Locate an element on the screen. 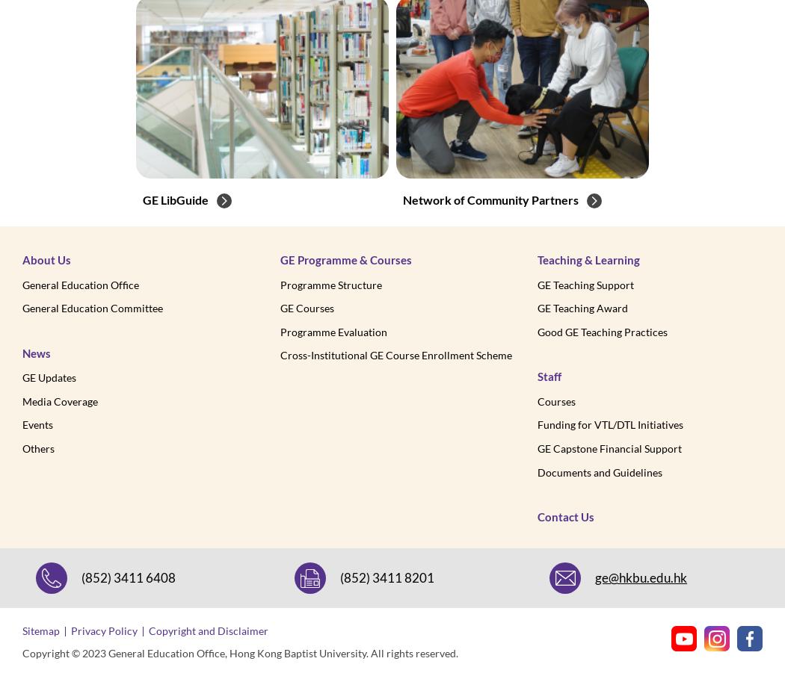 The width and height of the screenshot is (785, 679). '(852) 3411 8201' is located at coordinates (386, 577).